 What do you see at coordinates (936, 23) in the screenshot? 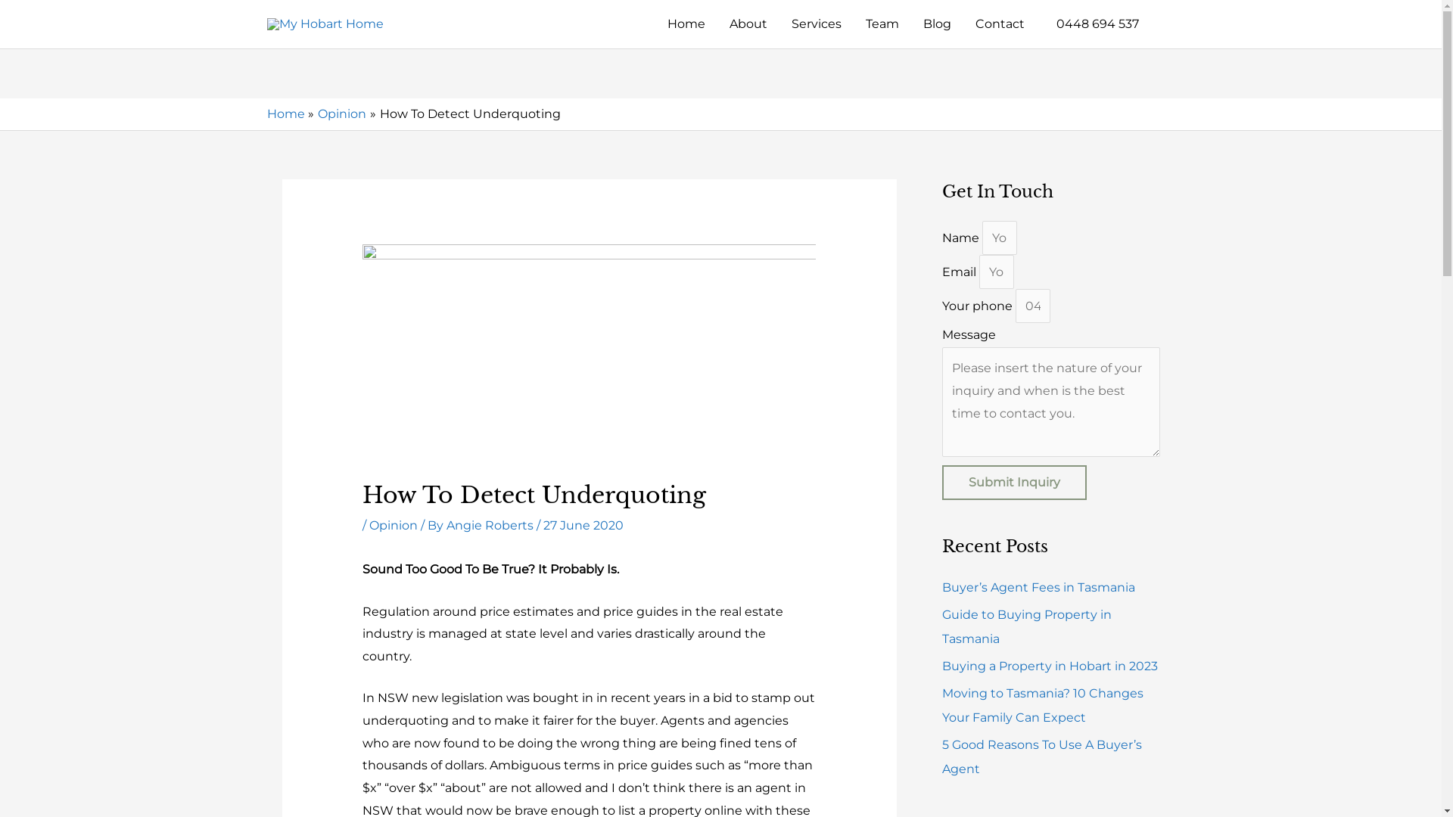
I see `'Blog'` at bounding box center [936, 23].